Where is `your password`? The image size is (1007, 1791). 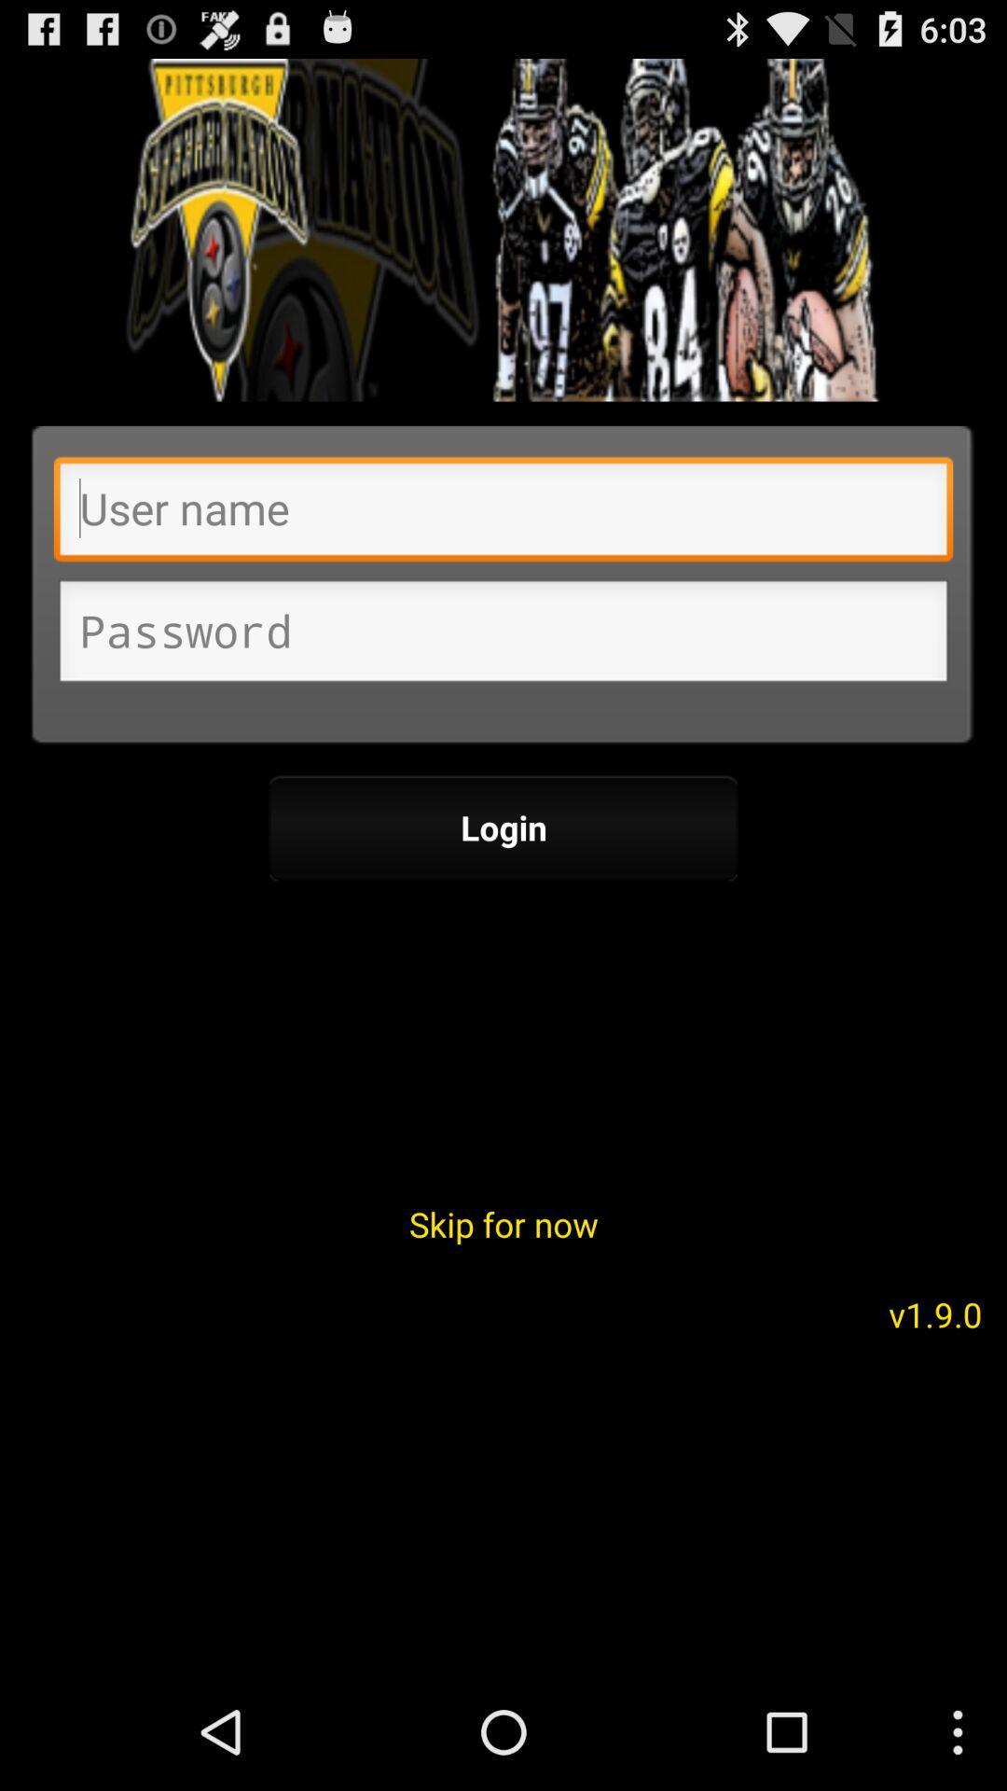 your password is located at coordinates (504, 636).